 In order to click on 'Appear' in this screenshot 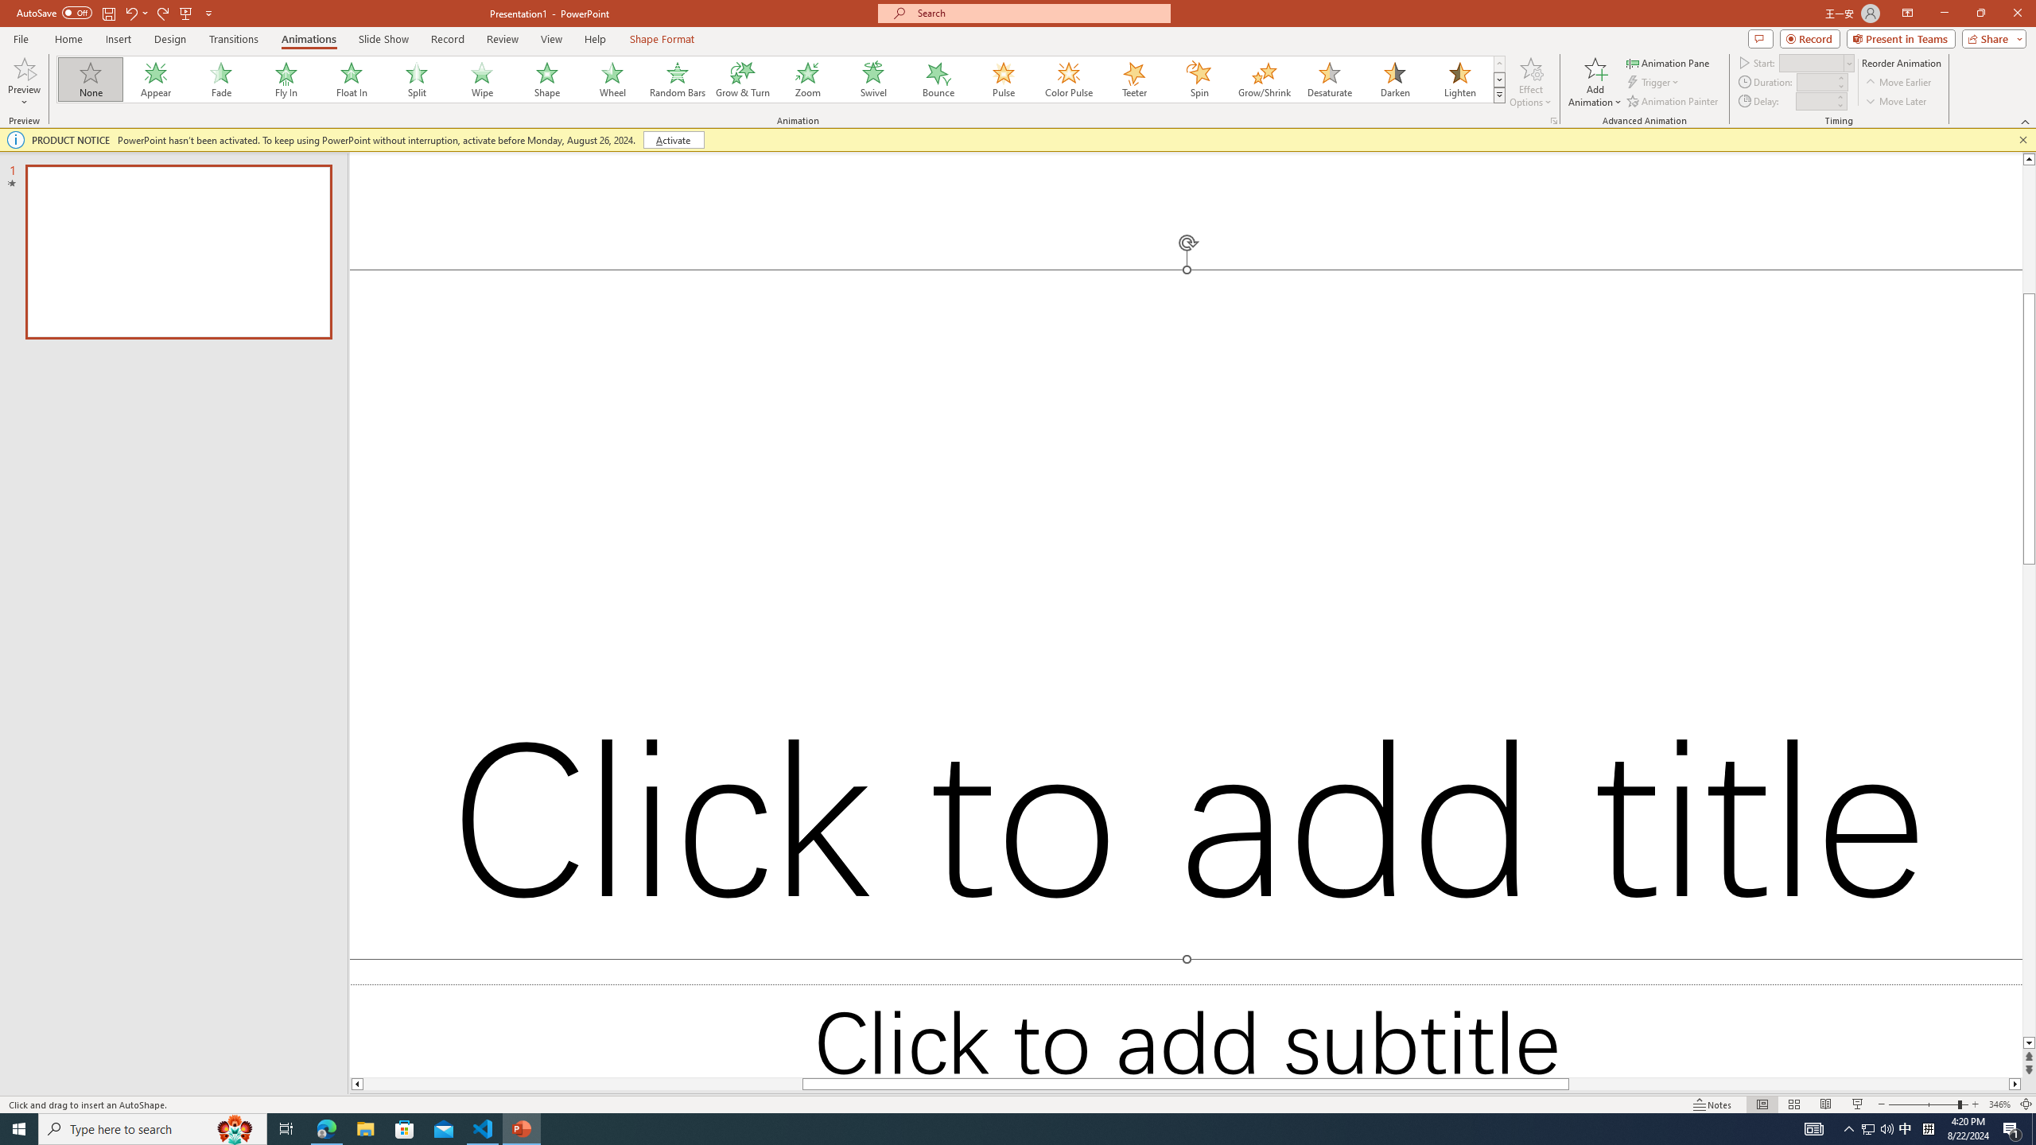, I will do `click(156, 79)`.